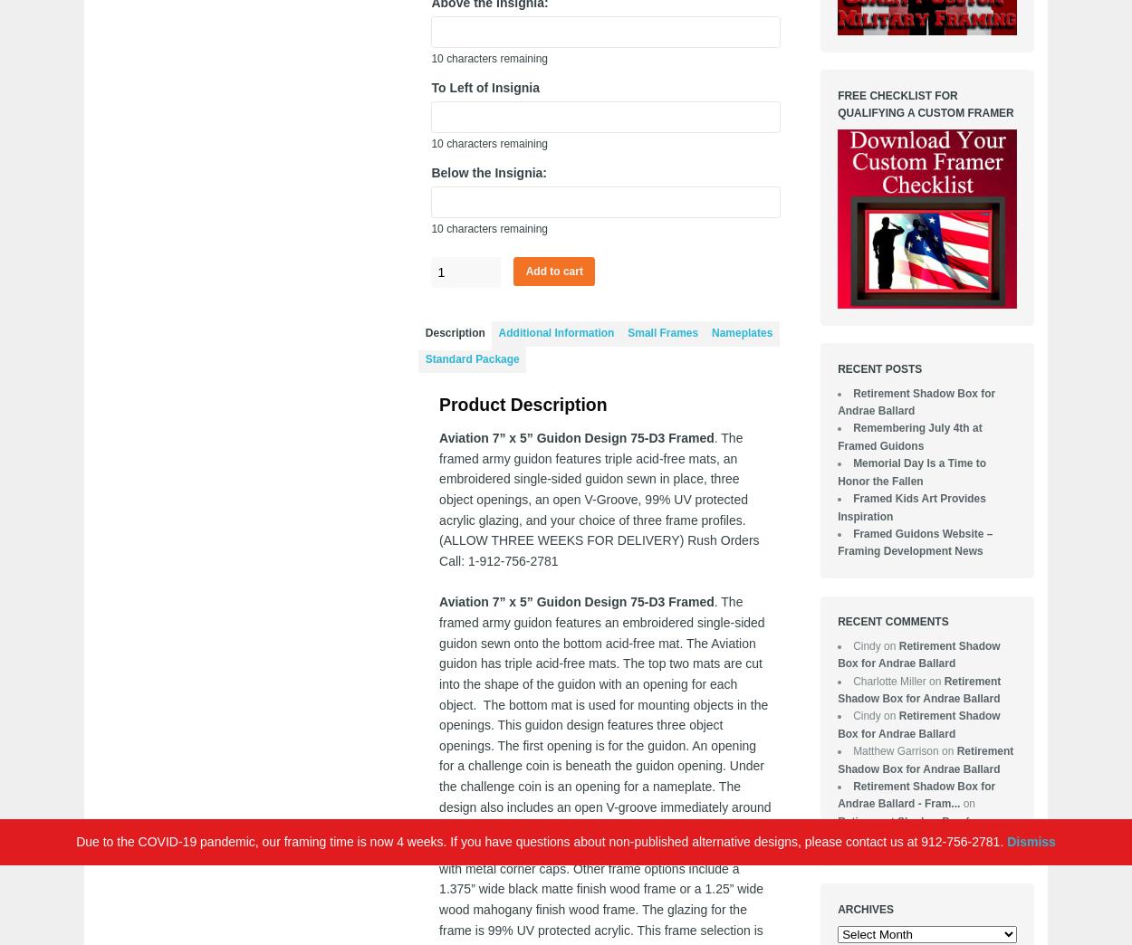 This screenshot has width=1132, height=945. Describe the element at coordinates (915, 542) in the screenshot. I see `'Framed Guidons Website – Framing Development News'` at that location.